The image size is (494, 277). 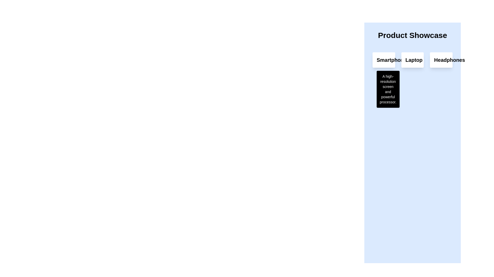 I want to click on label of the laptop card, which is the second element in the product showcase interface, positioned between the smartphone and headphones, so click(x=412, y=60).